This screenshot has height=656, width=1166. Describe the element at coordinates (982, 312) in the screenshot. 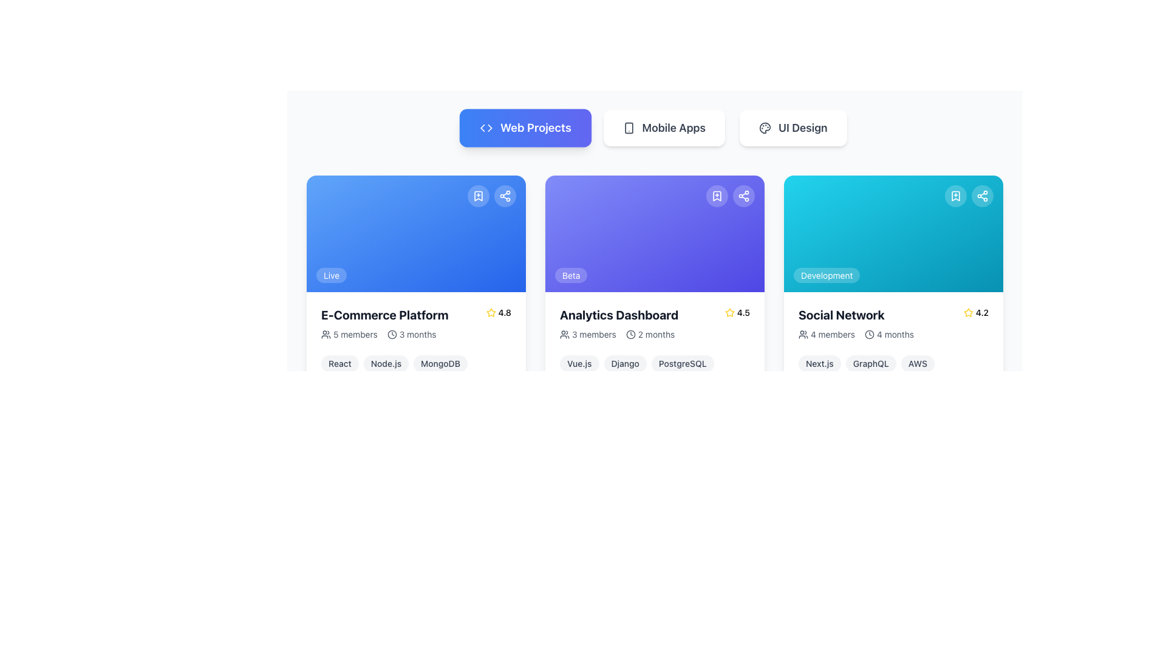

I see `the Text label displaying the numerical rating in the lower-right corner of the 'Social Network' card, which is aligned with a star icon to its left` at that location.